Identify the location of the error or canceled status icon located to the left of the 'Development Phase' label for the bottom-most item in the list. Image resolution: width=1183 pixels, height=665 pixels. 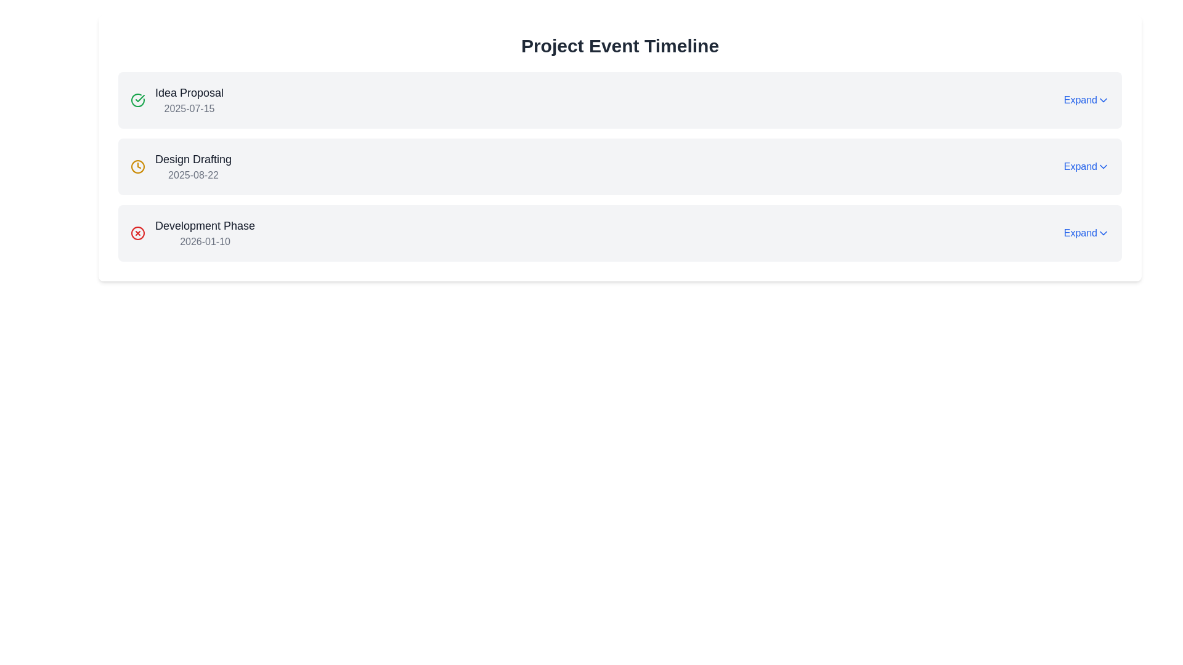
(138, 233).